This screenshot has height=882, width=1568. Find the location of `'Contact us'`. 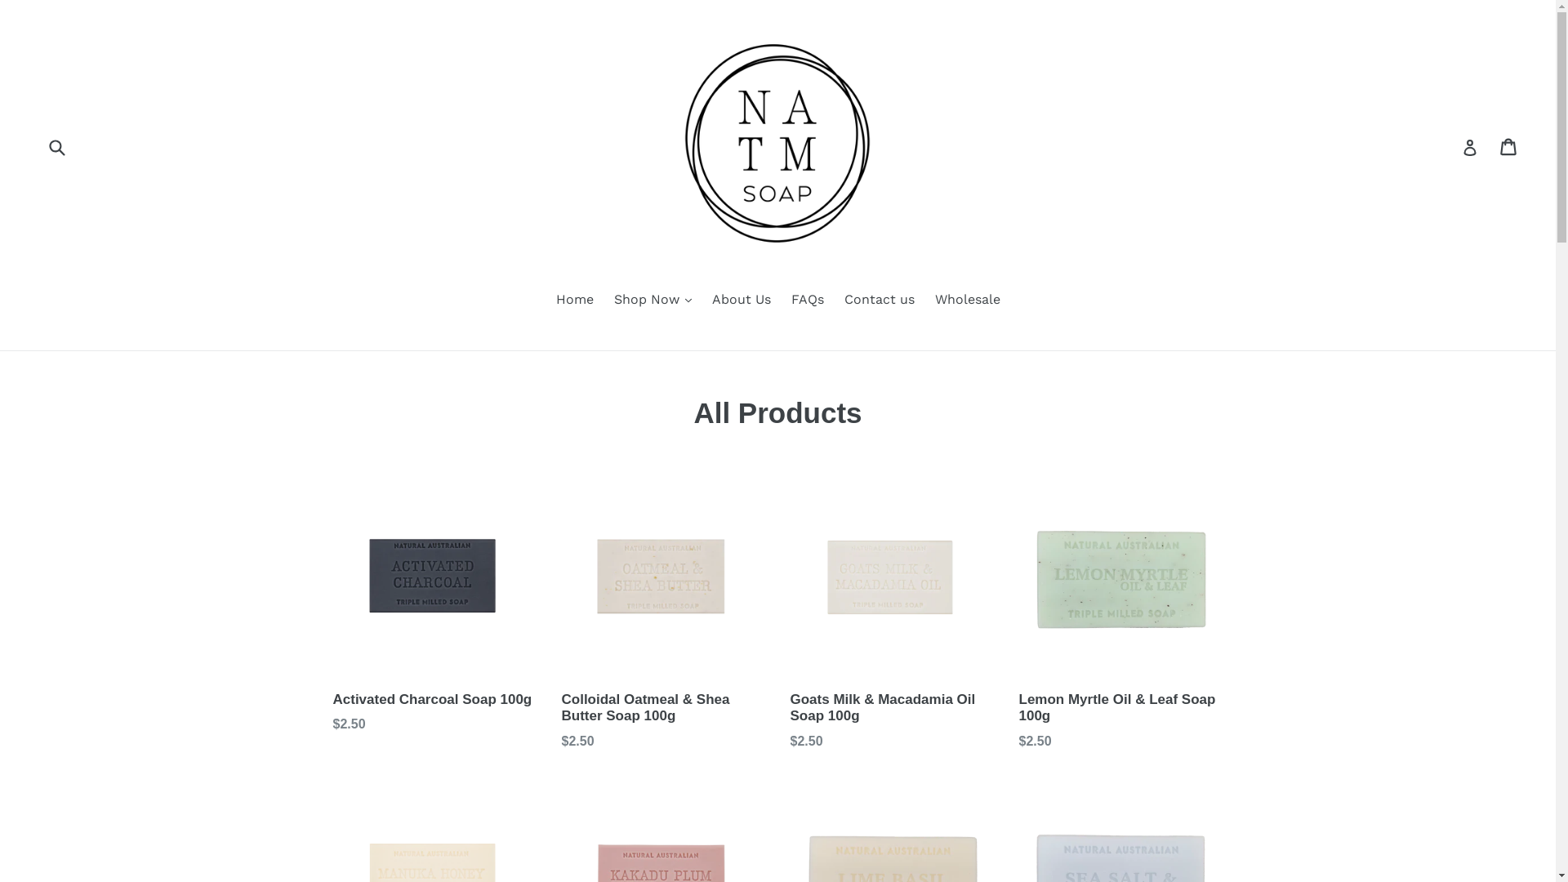

'Contact us' is located at coordinates (878, 301).